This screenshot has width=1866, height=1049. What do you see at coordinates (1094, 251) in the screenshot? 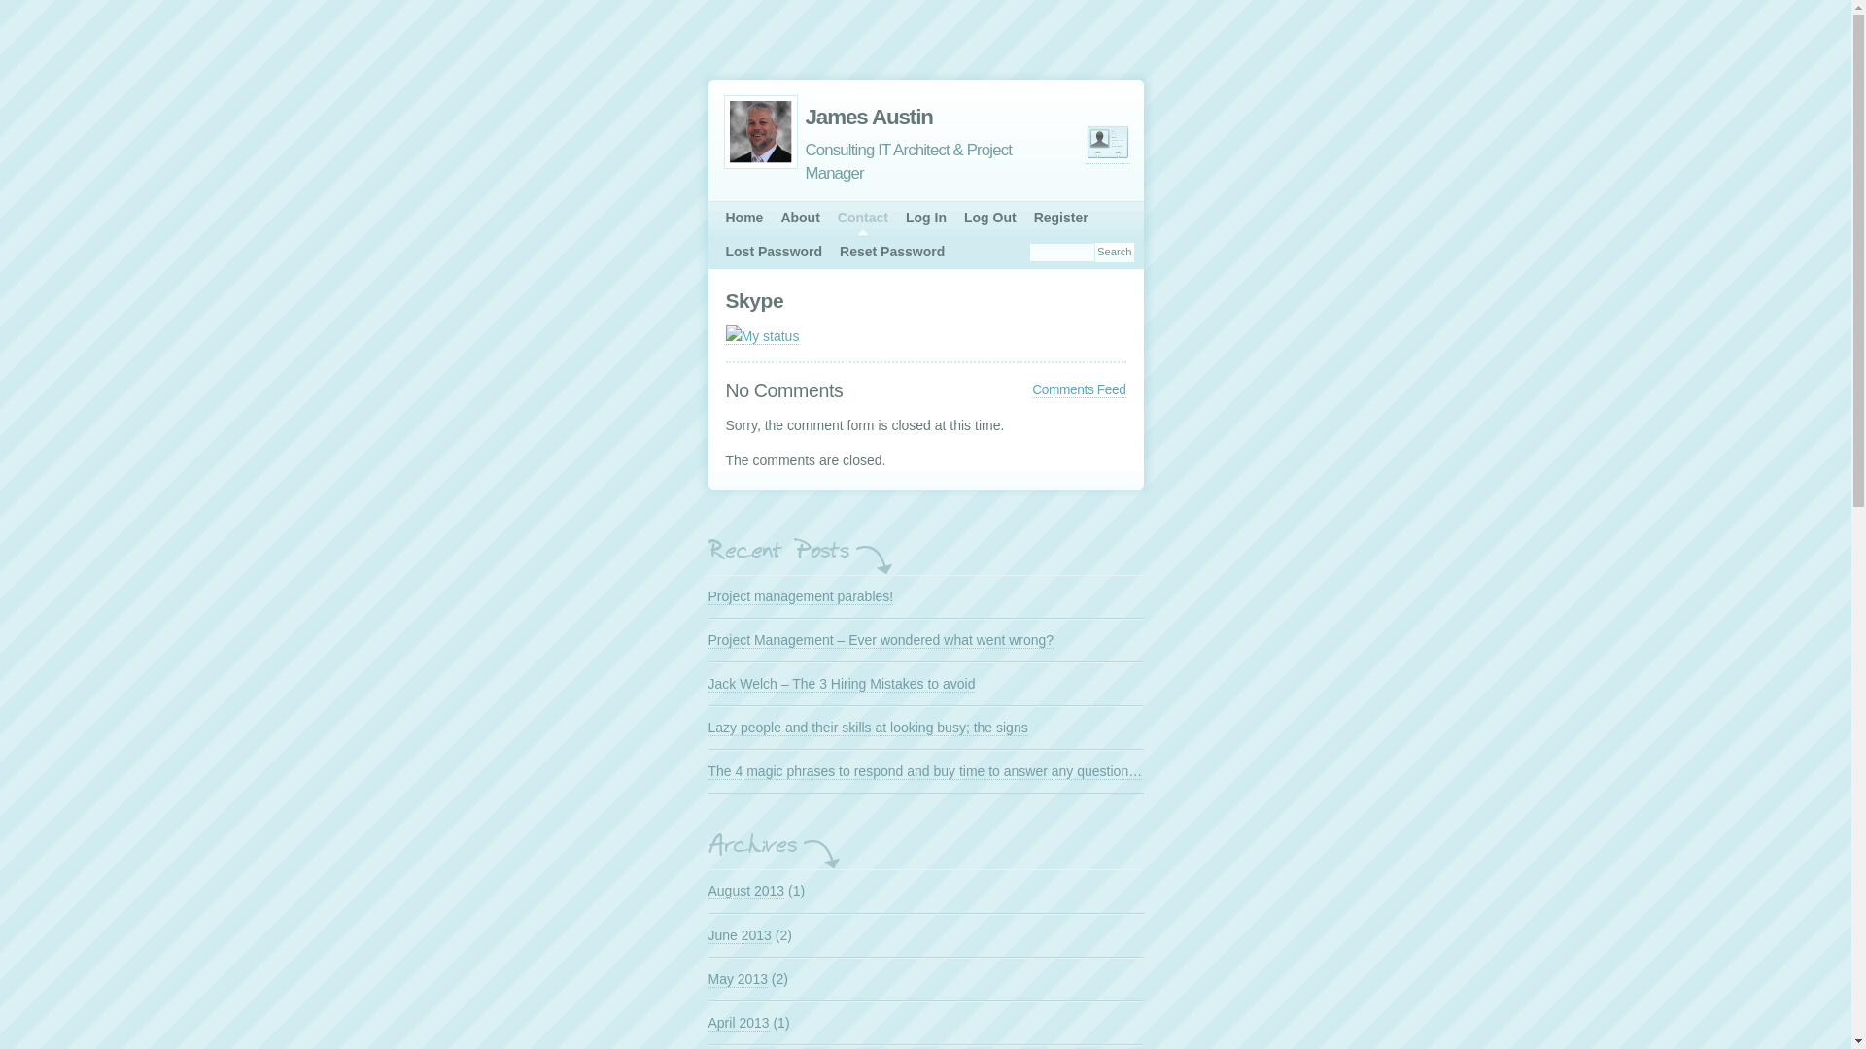
I see `'Search'` at bounding box center [1094, 251].